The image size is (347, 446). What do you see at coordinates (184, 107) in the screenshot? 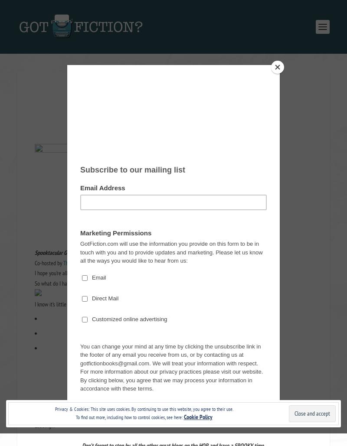
I see `'Book Giveaway'` at bounding box center [184, 107].